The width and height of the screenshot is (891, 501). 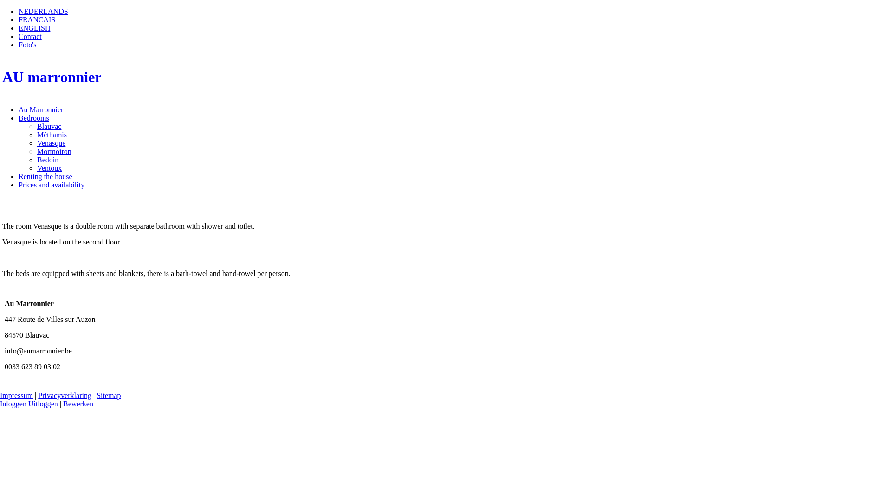 What do you see at coordinates (45, 176) in the screenshot?
I see `'Renting the house'` at bounding box center [45, 176].